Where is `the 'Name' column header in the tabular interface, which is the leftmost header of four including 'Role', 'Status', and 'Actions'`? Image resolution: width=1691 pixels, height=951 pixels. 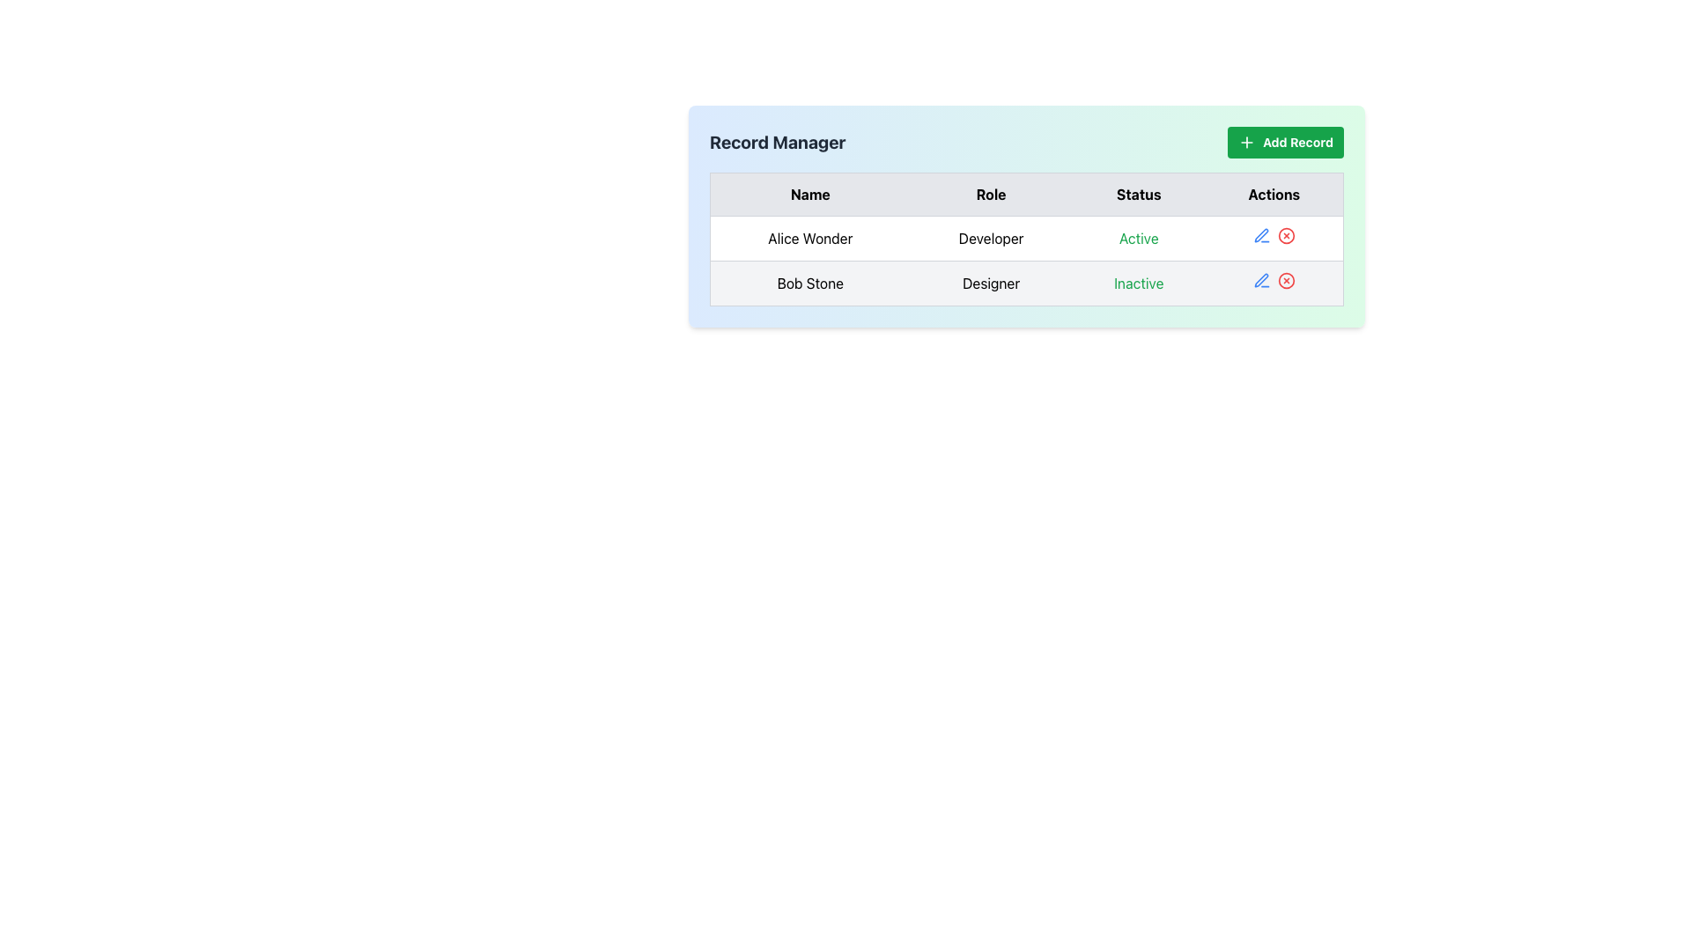
the 'Name' column header in the tabular interface, which is the leftmost header of four including 'Role', 'Status', and 'Actions' is located at coordinates (809, 194).